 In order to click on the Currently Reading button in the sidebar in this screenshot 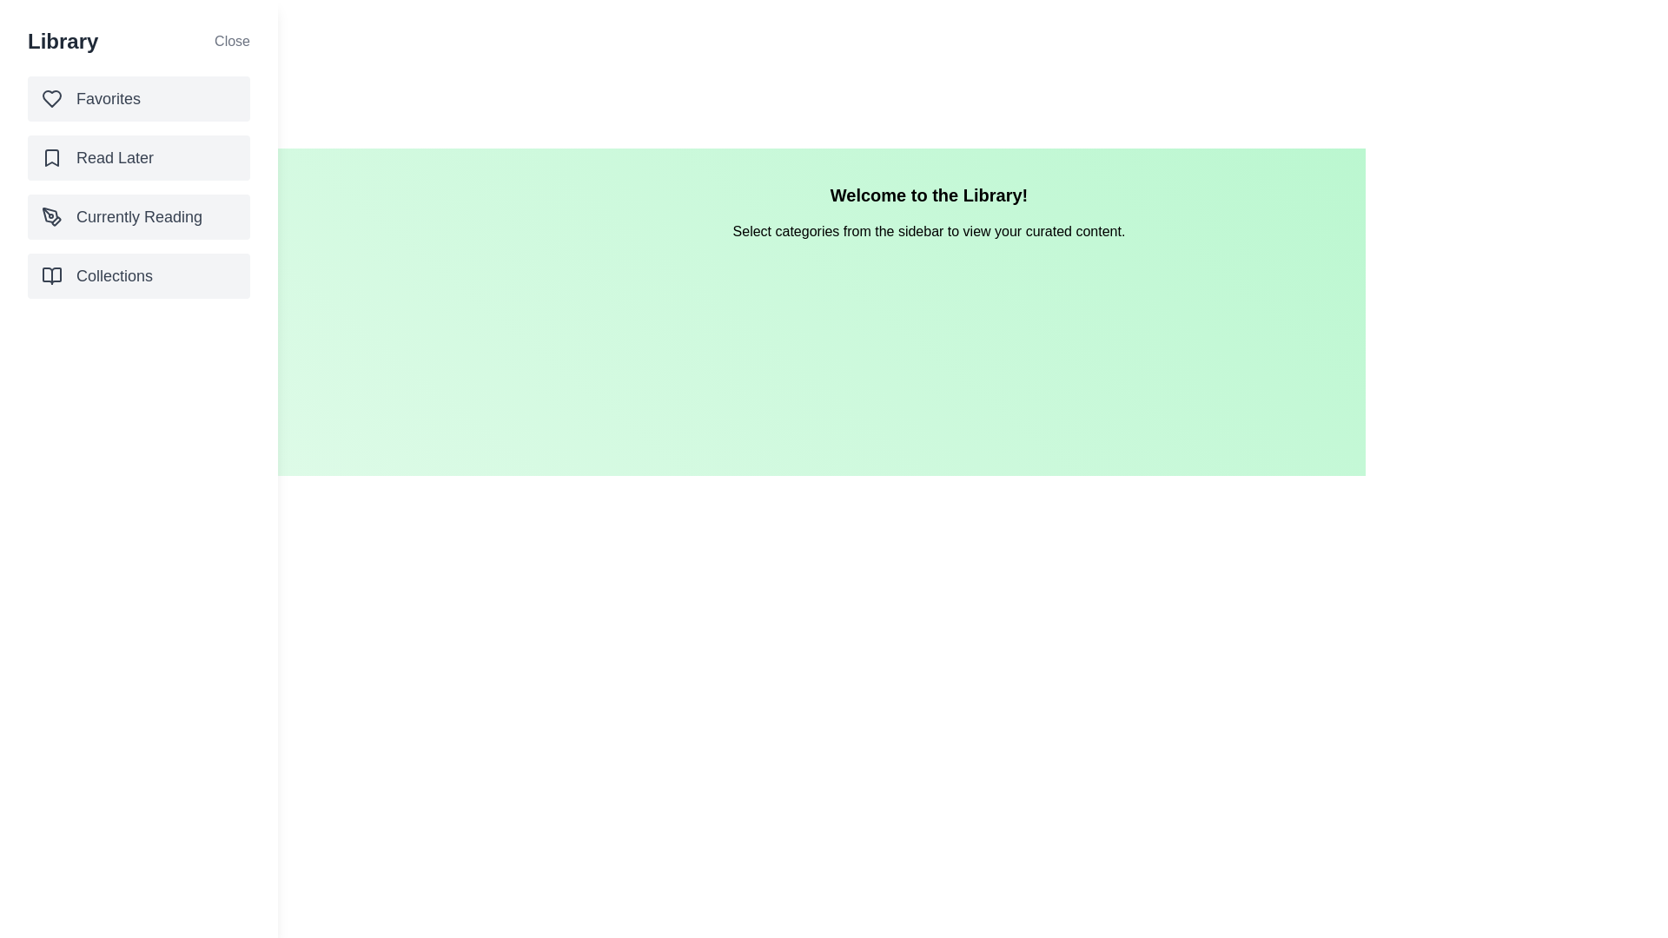, I will do `click(137, 216)`.